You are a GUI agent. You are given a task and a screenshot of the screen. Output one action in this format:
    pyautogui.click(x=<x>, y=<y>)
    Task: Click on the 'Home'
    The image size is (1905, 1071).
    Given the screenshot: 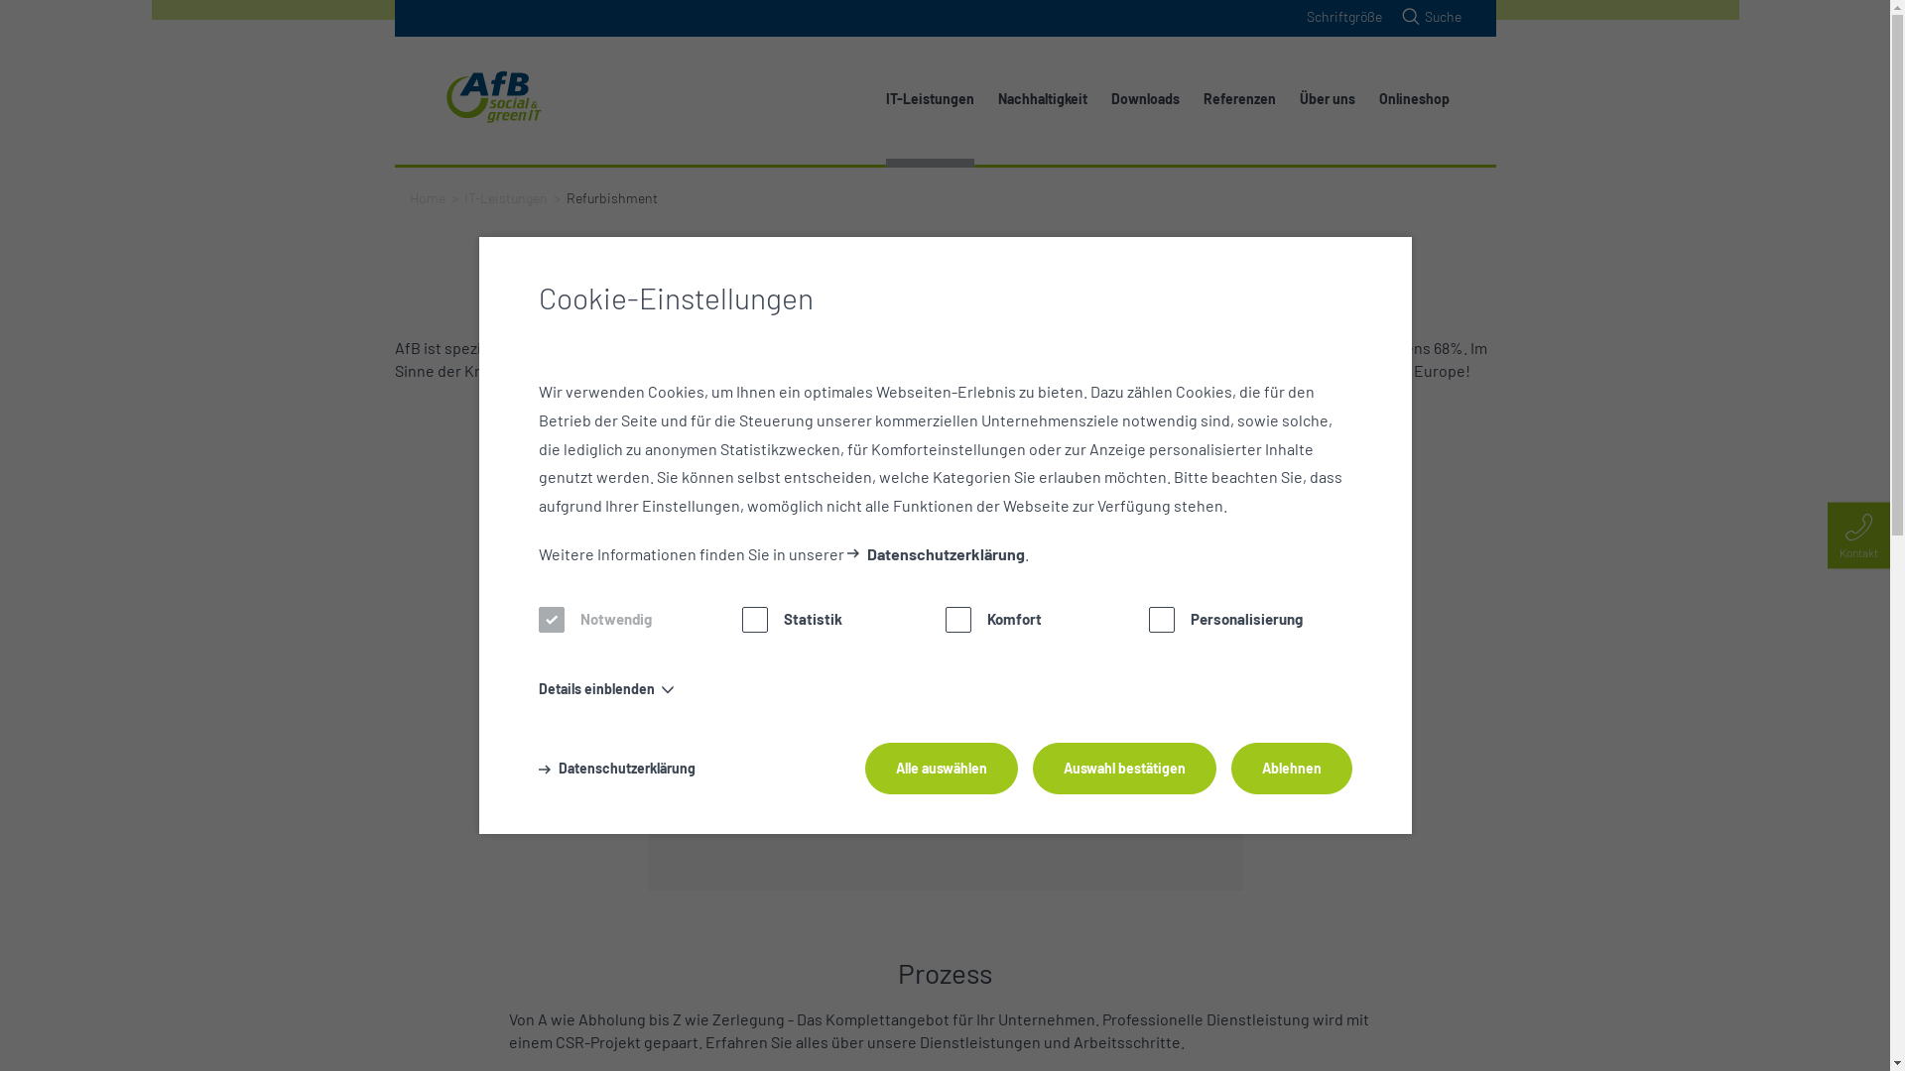 What is the action you would take?
    pyautogui.click(x=408, y=197)
    